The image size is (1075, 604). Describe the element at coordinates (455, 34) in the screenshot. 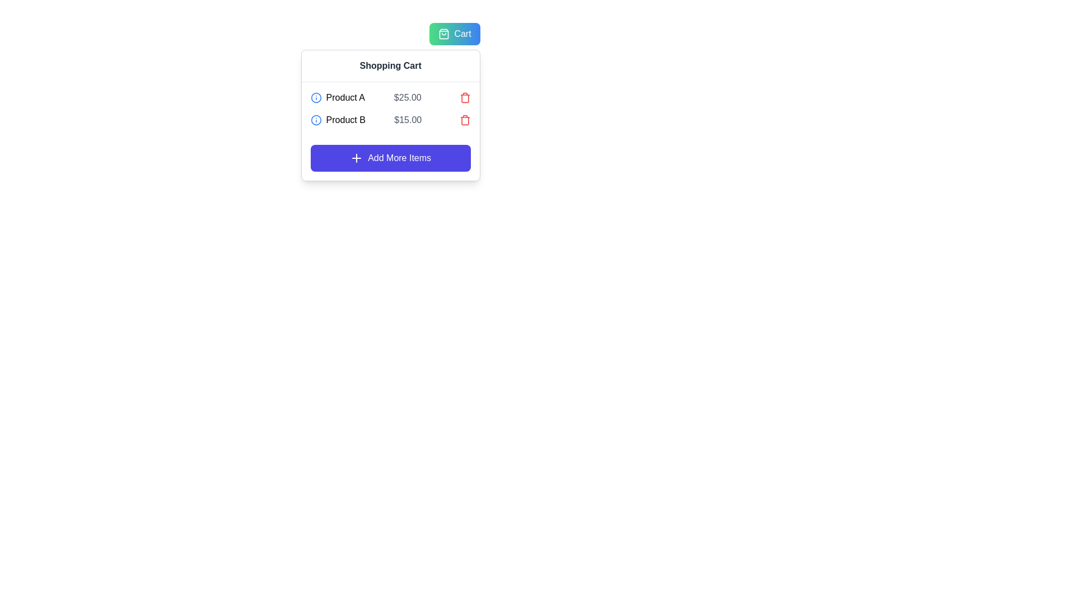

I see `the rectangular button with a green to blue gradient, featuring a white shopping bag icon and 'Cart' text` at that location.